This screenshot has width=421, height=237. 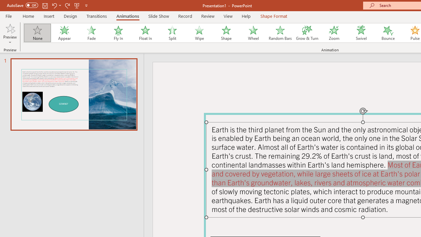 What do you see at coordinates (388, 33) in the screenshot?
I see `'Bounce'` at bounding box center [388, 33].